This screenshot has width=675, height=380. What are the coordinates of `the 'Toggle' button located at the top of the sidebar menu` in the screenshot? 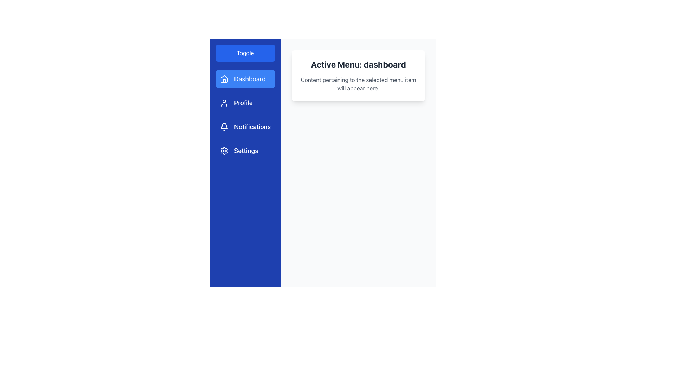 It's located at (245, 52).